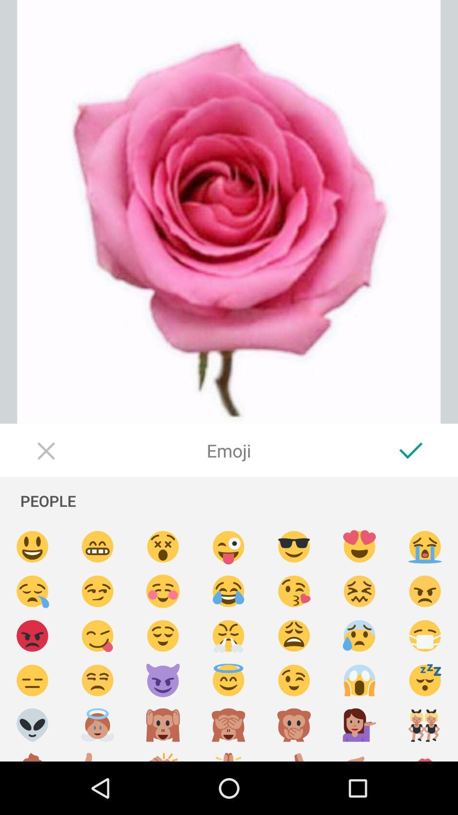 This screenshot has height=815, width=458. What do you see at coordinates (293, 754) in the screenshot?
I see `an emoji` at bounding box center [293, 754].